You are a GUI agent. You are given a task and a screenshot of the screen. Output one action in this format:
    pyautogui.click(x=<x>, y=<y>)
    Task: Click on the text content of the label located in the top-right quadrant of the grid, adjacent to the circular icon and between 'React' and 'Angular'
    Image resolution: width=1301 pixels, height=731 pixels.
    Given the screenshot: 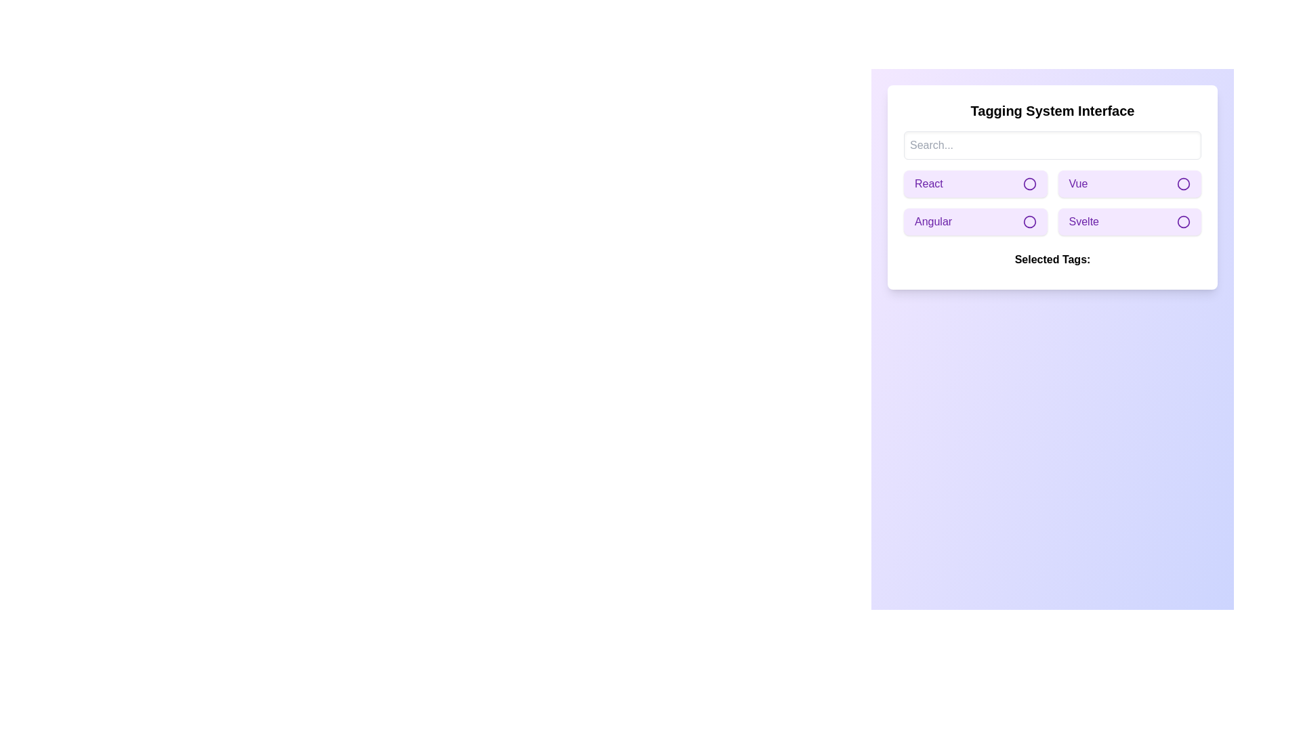 What is the action you would take?
    pyautogui.click(x=1077, y=184)
    